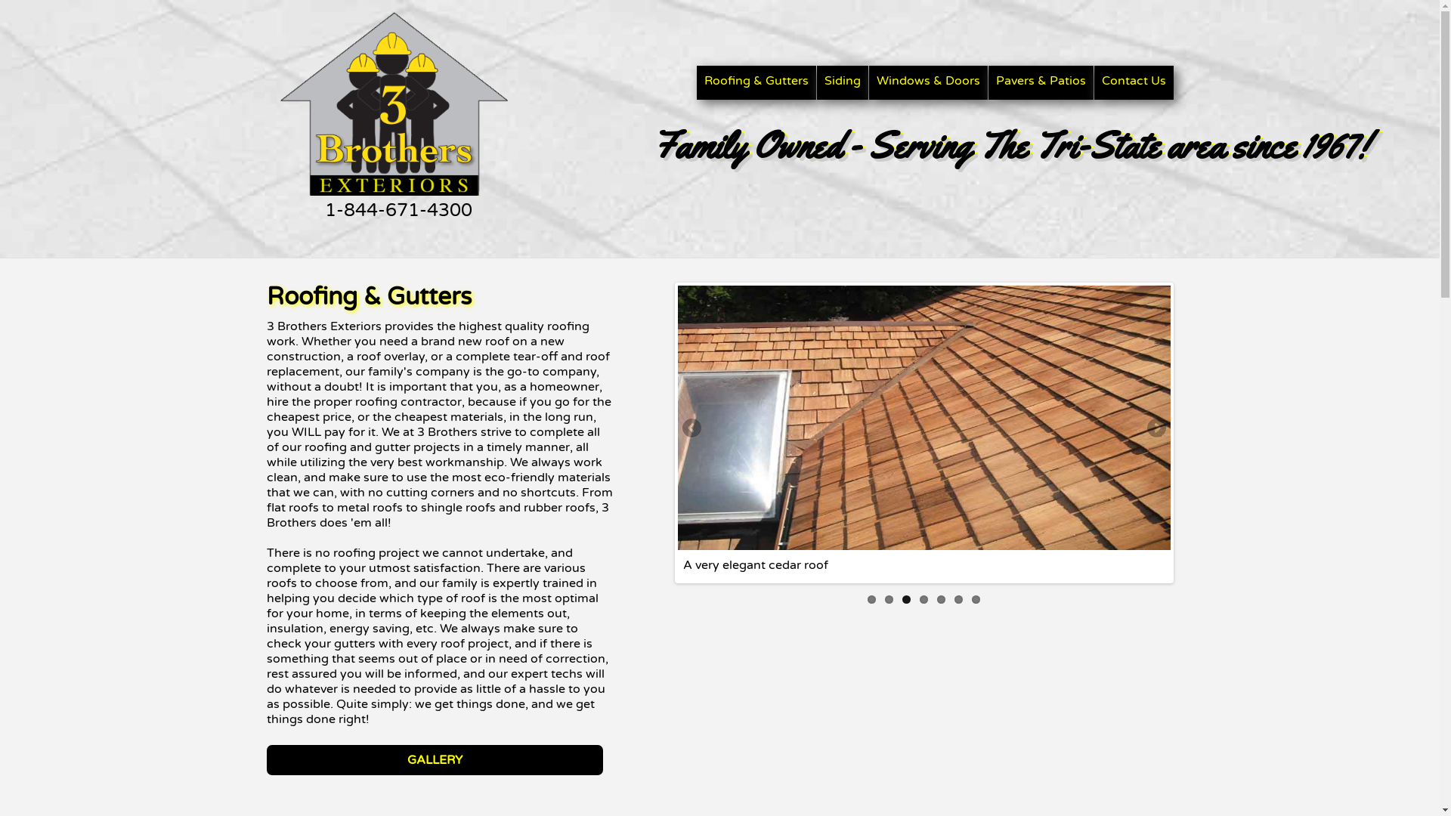 This screenshot has width=1451, height=816. I want to click on 'Previous', so click(691, 428).